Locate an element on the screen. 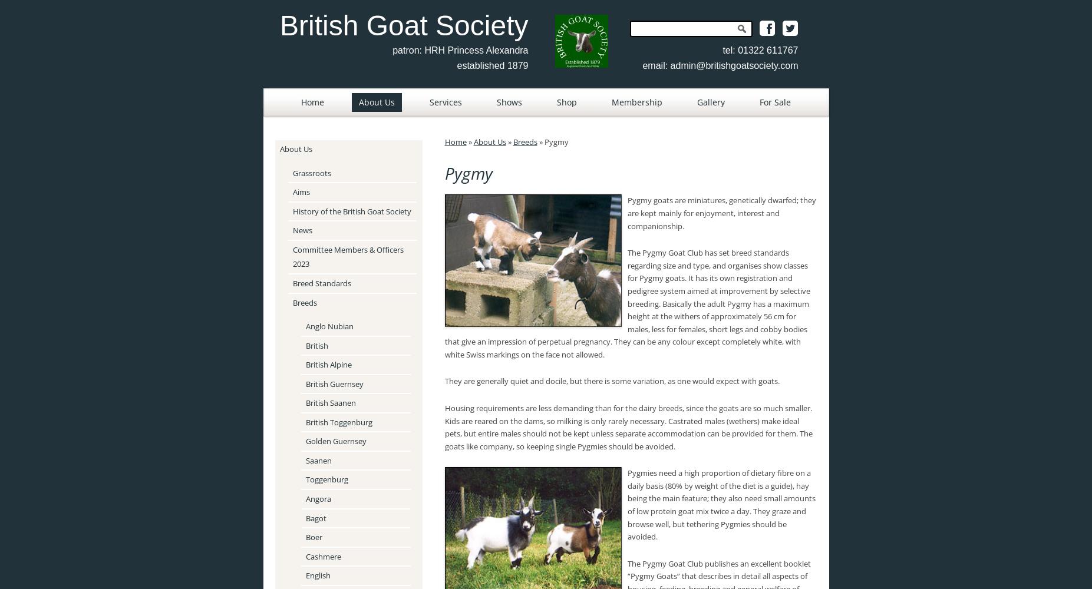 The image size is (1092, 589). 'Golden Guernsey' is located at coordinates (304, 441).